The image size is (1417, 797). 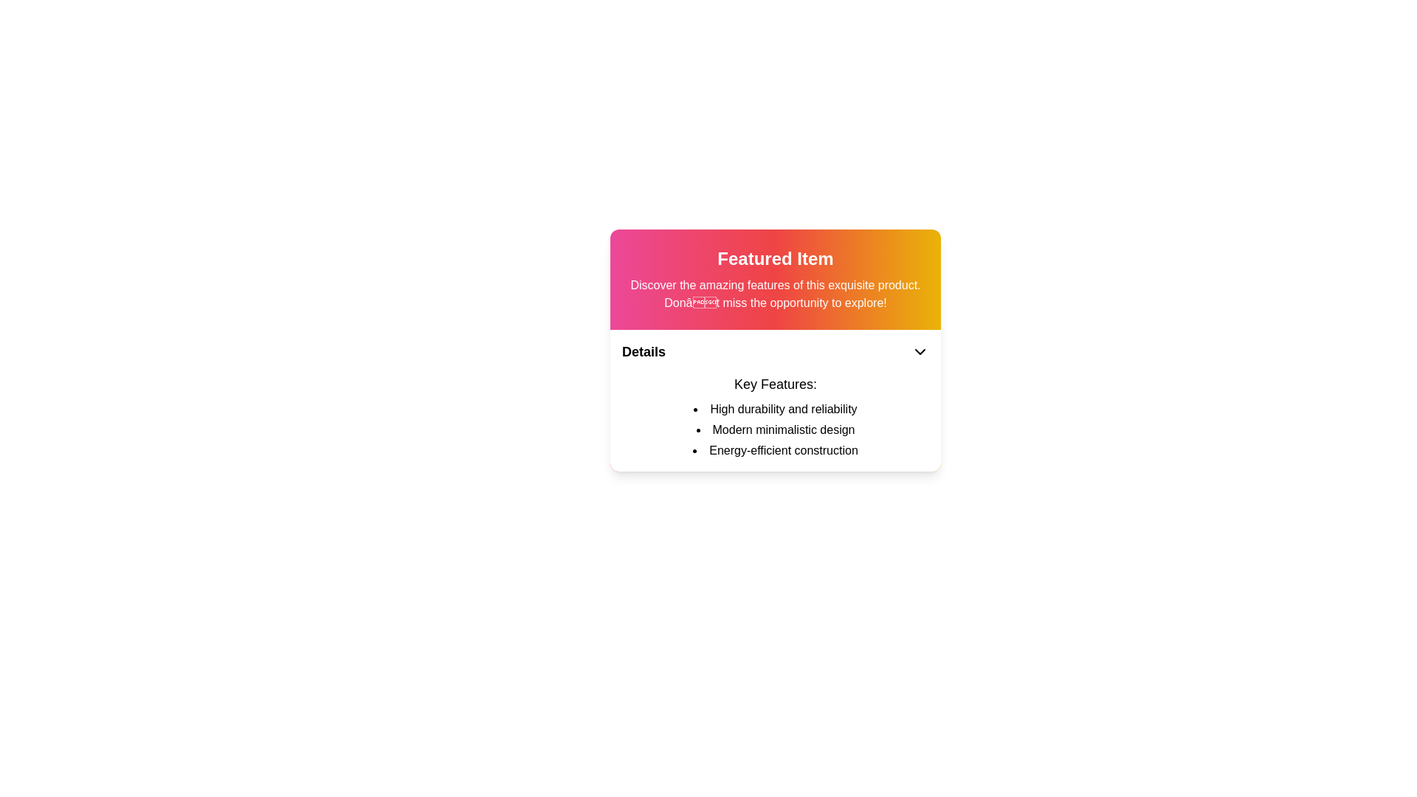 What do you see at coordinates (920, 352) in the screenshot?
I see `the dropdown icon located at the far-right end of the 'Details' section to get visual feedback` at bounding box center [920, 352].